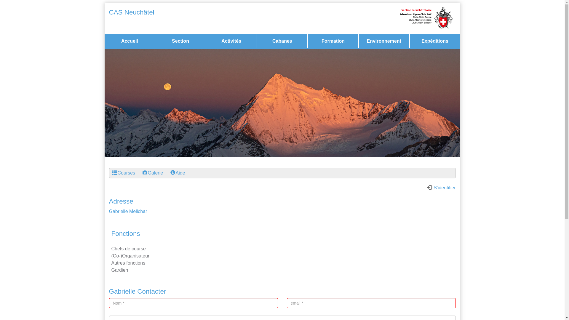  I want to click on 'Formation', so click(333, 41).